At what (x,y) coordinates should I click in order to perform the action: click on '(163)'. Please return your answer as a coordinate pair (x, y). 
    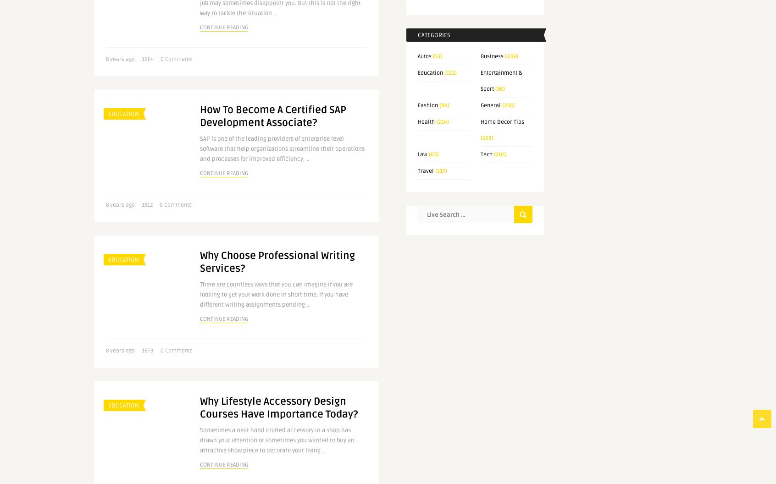
    Looking at the image, I should click on (487, 138).